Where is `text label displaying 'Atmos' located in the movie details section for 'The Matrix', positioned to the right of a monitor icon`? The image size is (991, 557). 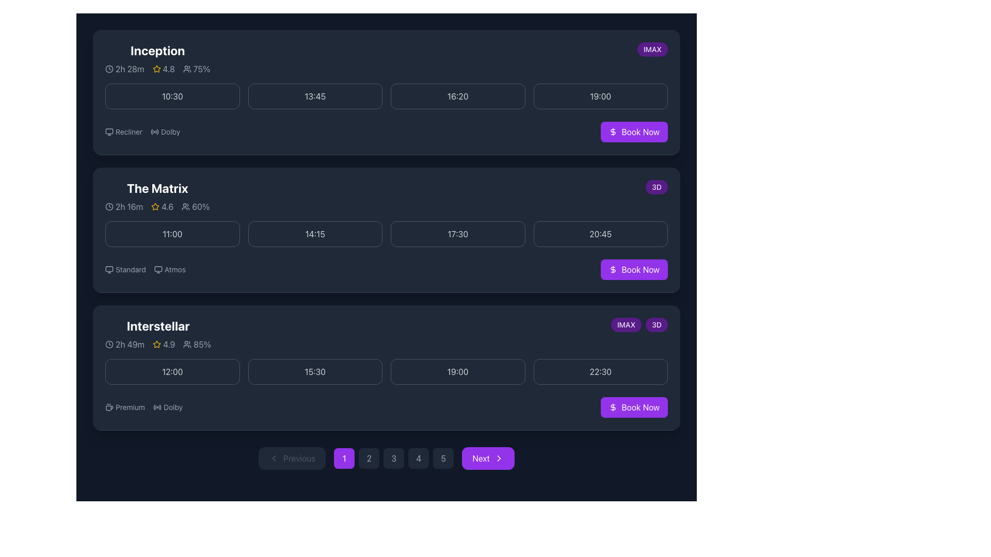 text label displaying 'Atmos' located in the movie details section for 'The Matrix', positioned to the right of a monitor icon is located at coordinates (175, 269).